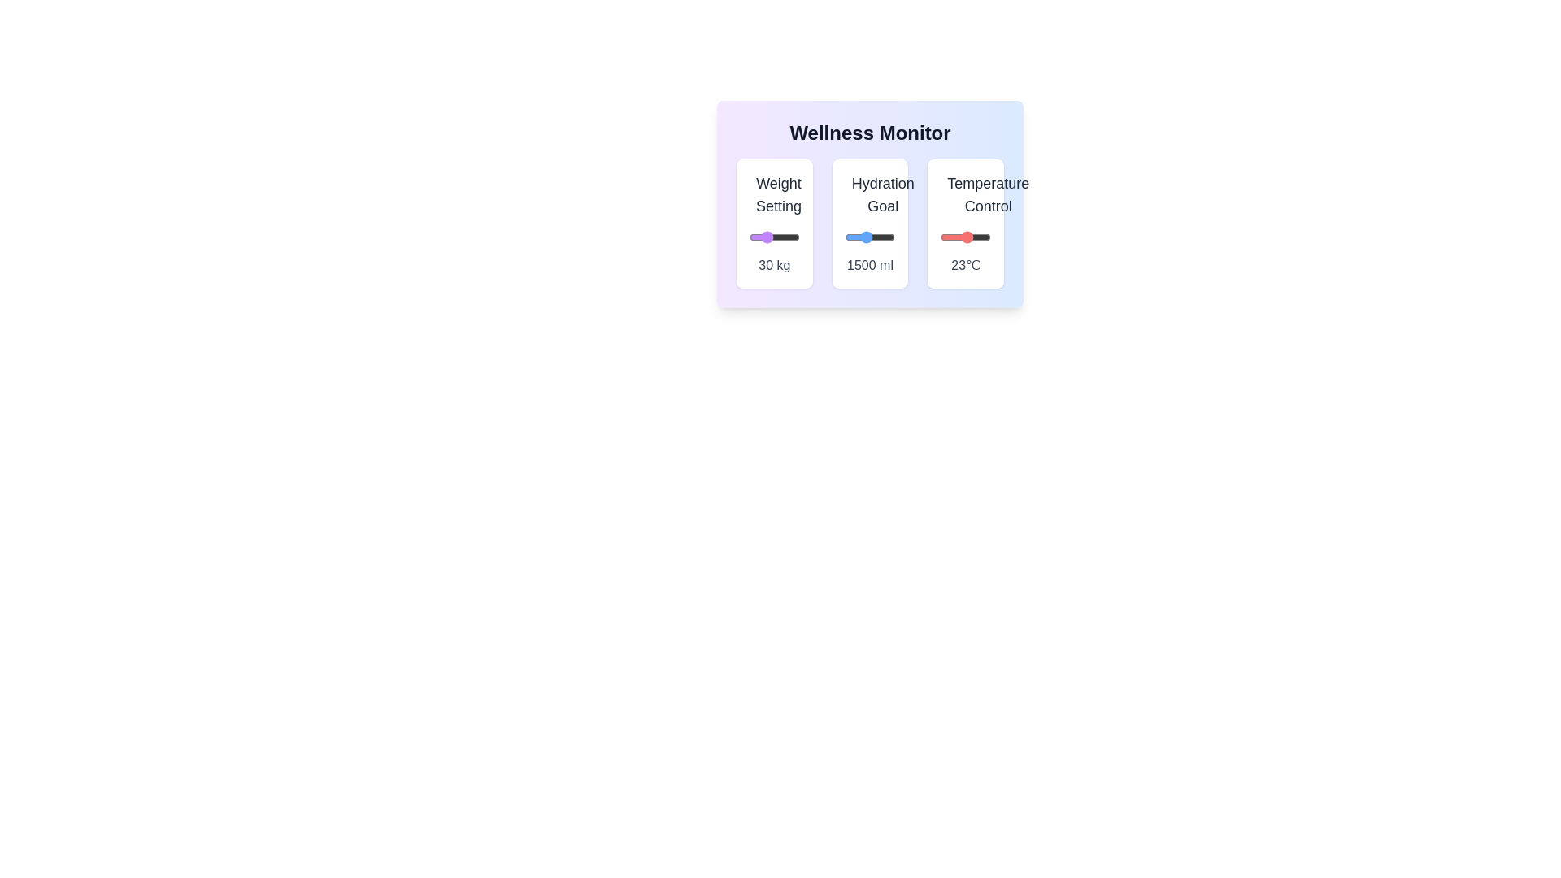 The image size is (1561, 878). What do you see at coordinates (981, 237) in the screenshot?
I see `the temperature` at bounding box center [981, 237].